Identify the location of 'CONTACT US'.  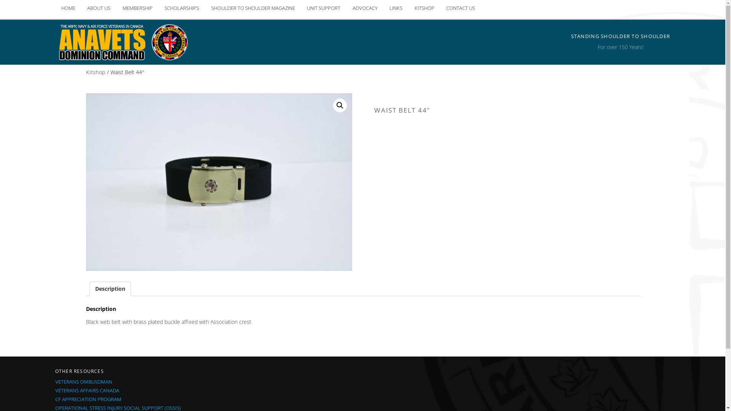
(460, 8).